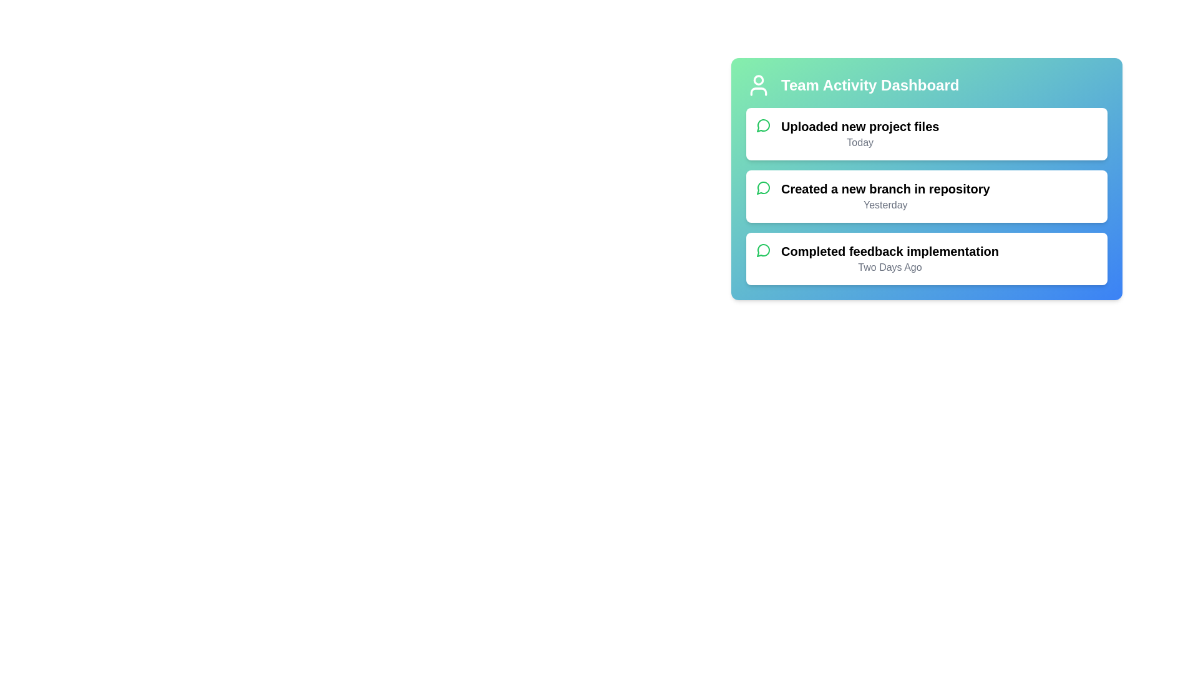  What do you see at coordinates (927, 197) in the screenshot?
I see `the activity card labeled 'Created a new branch in repository' to observe hover effects` at bounding box center [927, 197].